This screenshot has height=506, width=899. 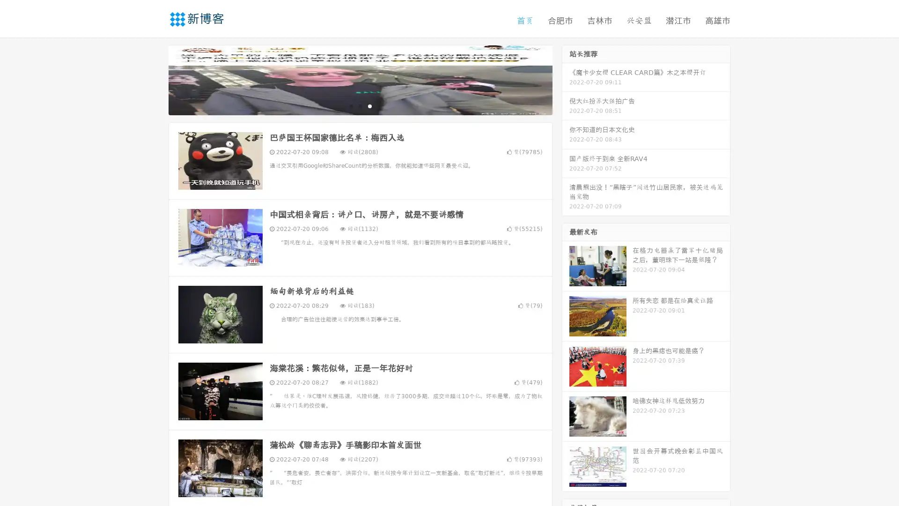 I want to click on Go to slide 1, so click(x=350, y=105).